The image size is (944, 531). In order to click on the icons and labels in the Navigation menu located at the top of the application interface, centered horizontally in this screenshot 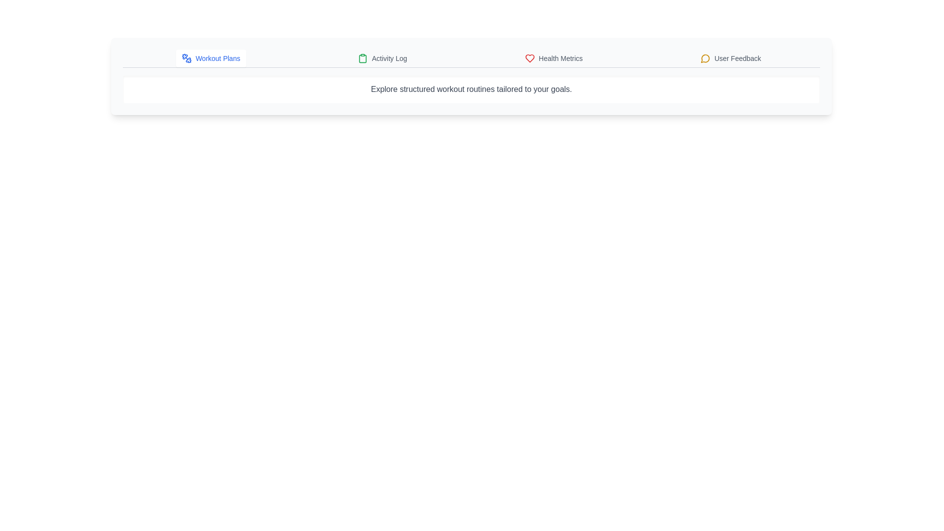, I will do `click(471, 59)`.